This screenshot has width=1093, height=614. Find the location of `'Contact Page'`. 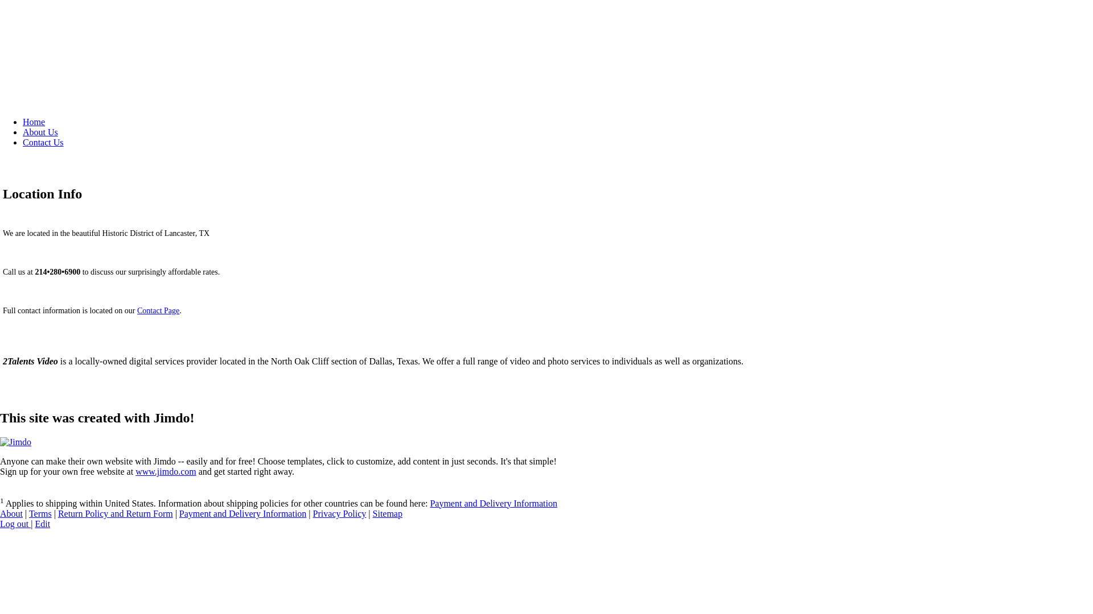

'Contact Page' is located at coordinates (158, 310).